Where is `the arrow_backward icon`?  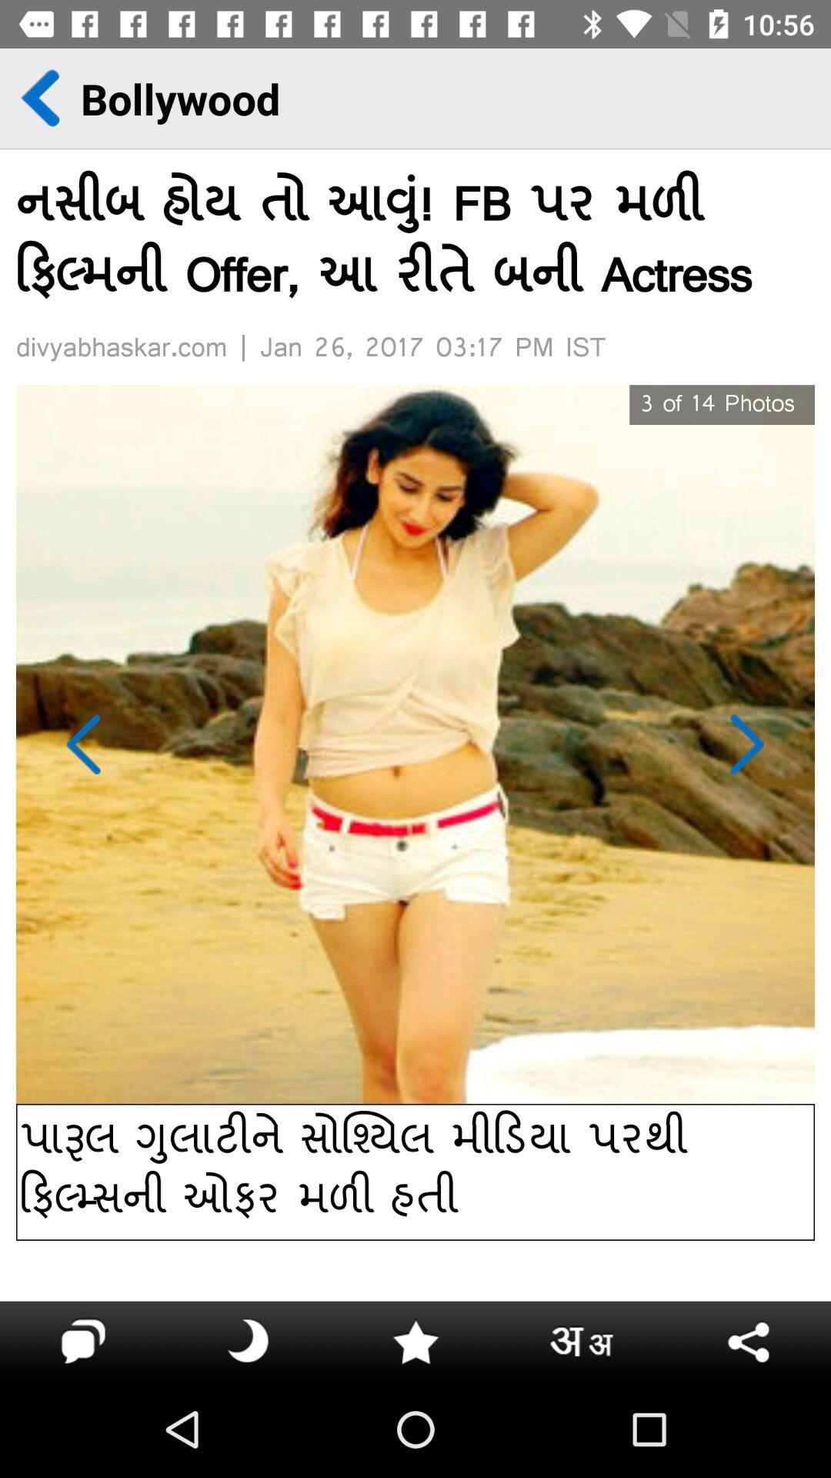
the arrow_backward icon is located at coordinates (747, 1339).